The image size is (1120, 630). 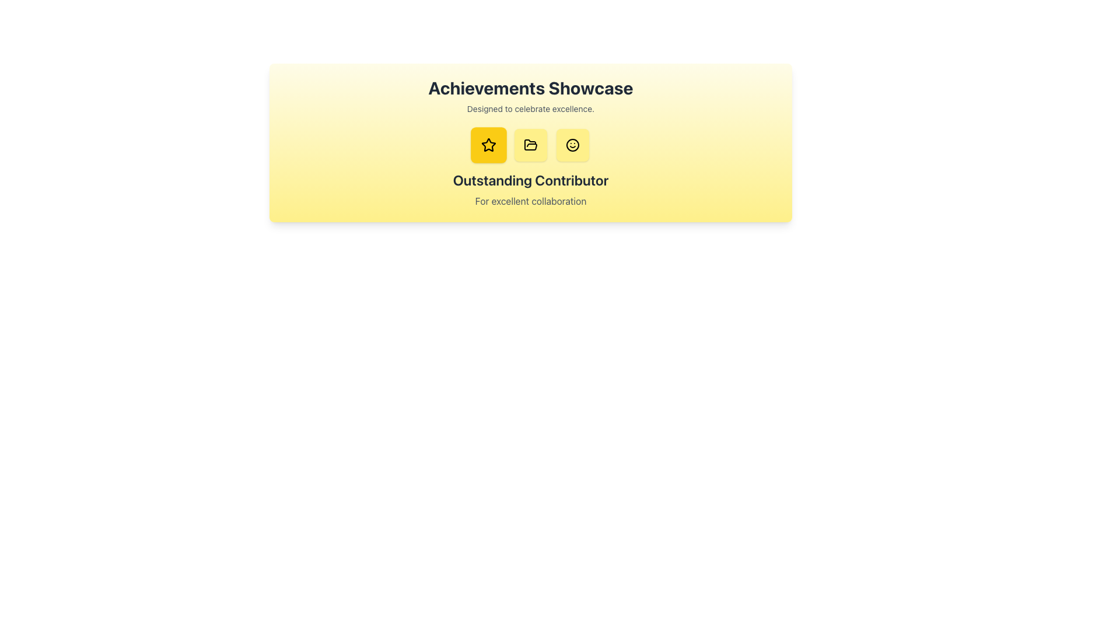 I want to click on the star-shaped icon with a vibrant yellow background and a black outline, located under the title 'Achievements Showcase' for interaction, so click(x=489, y=145).